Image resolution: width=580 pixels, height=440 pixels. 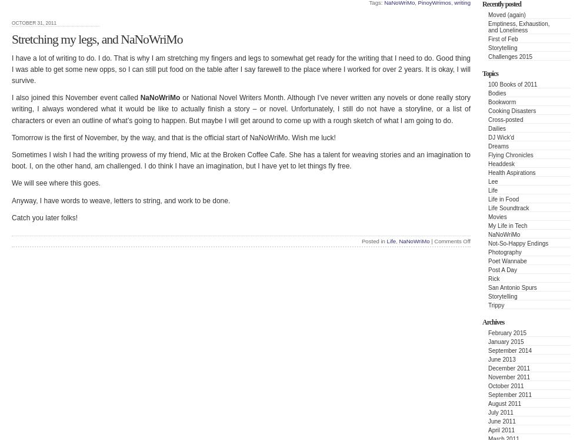 I want to click on 'Health Aspirations', so click(x=511, y=171).